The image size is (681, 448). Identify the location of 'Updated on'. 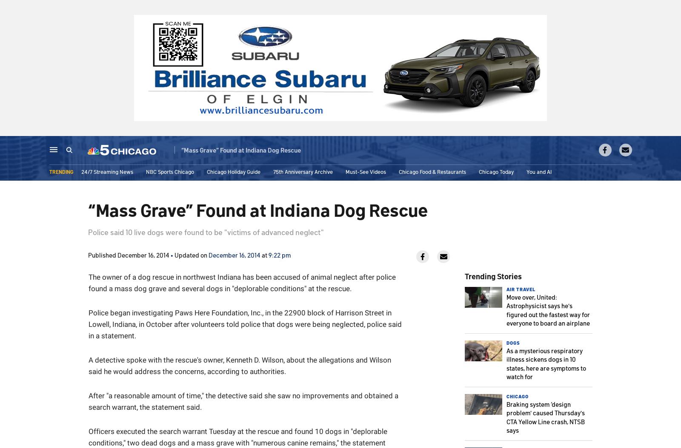
(174, 254).